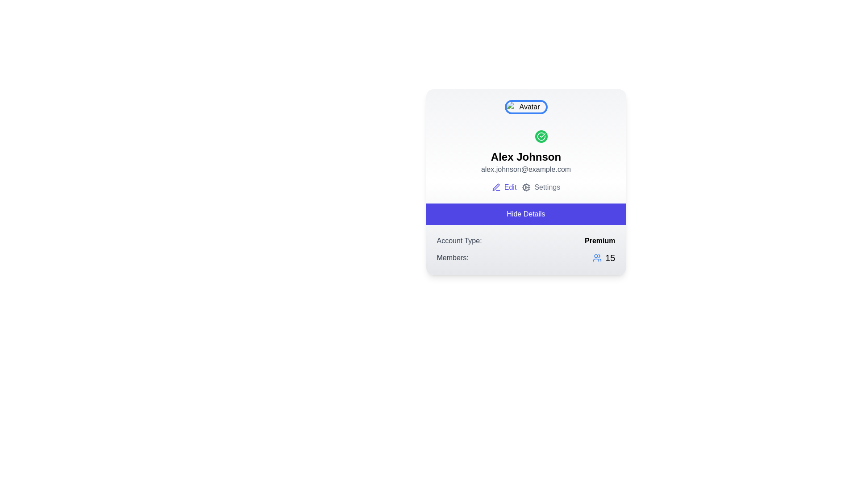 The image size is (857, 482). Describe the element at coordinates (526, 187) in the screenshot. I see `the 'Edit' button in the Button group located beneath the user's name and email information, featuring a blue font style` at that location.